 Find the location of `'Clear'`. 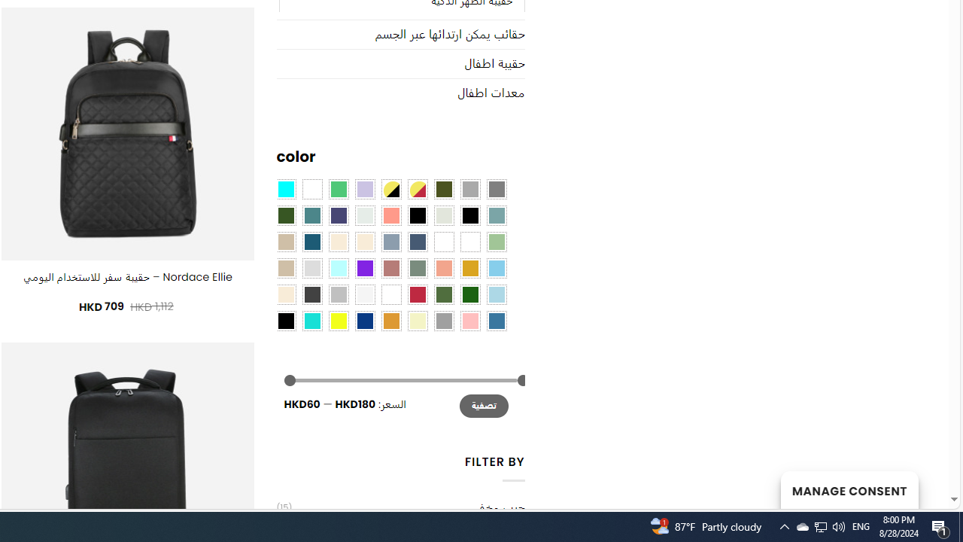

'Clear' is located at coordinates (311, 188).